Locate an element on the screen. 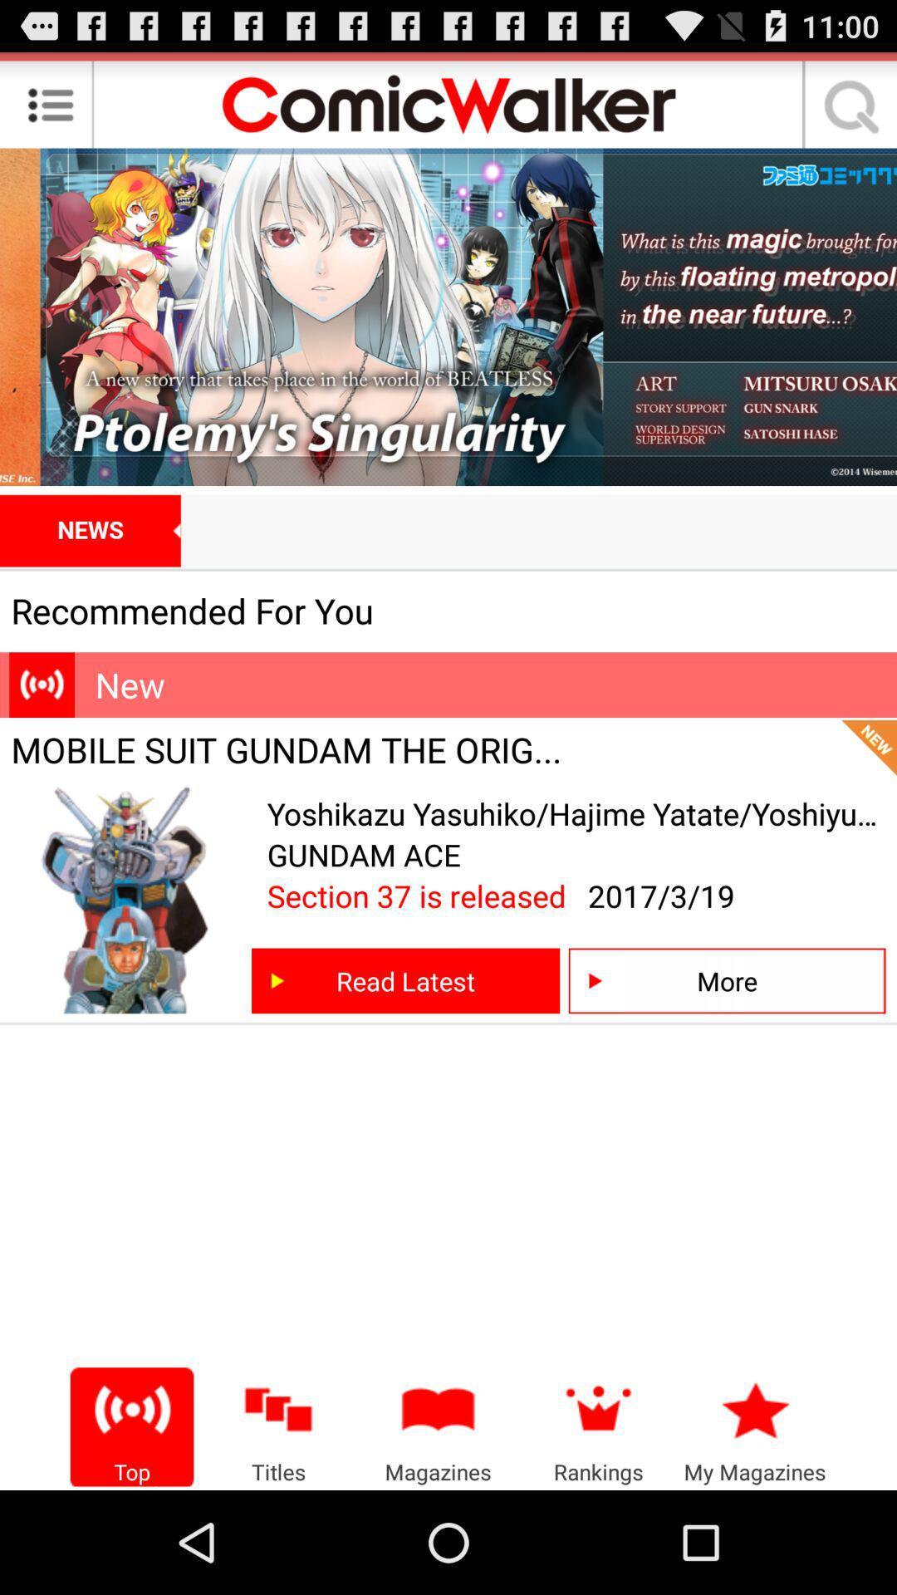 This screenshot has height=1595, width=897. the list icon is located at coordinates (50, 110).